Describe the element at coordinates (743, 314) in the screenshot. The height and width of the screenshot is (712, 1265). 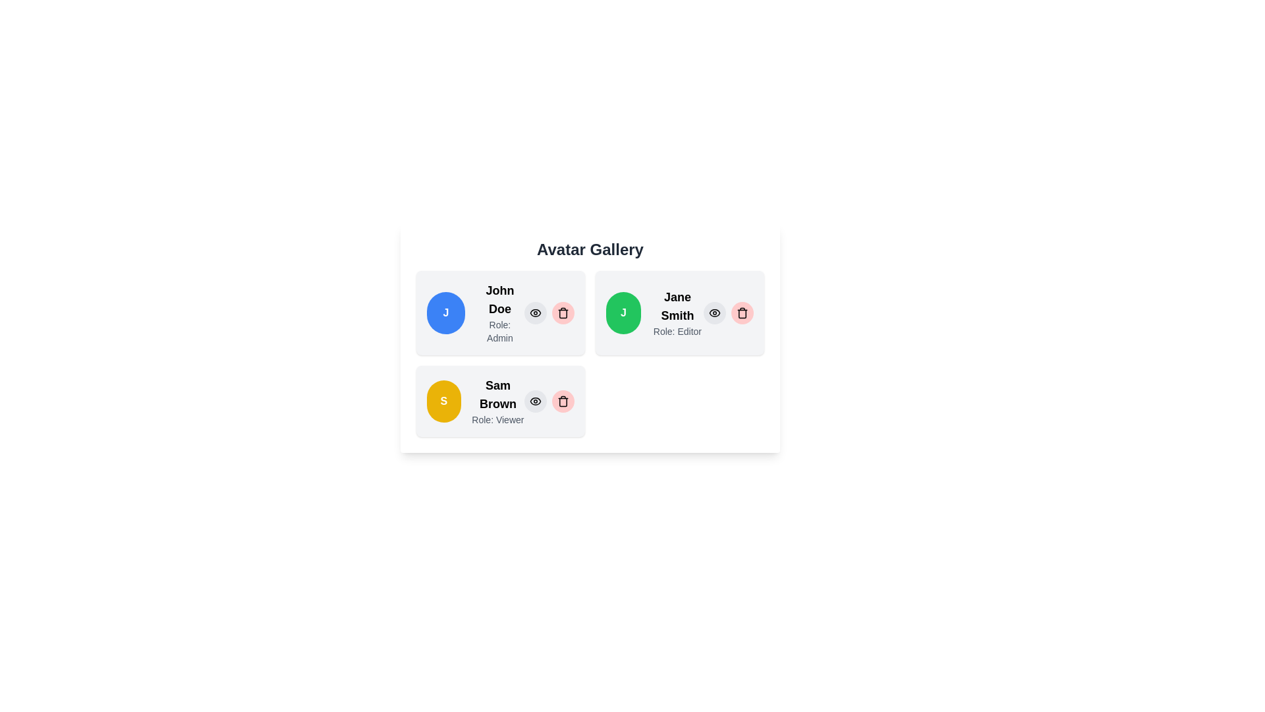
I see `the Trash Bin icon that represents the delete action for user 'Jane Smith', located at the far right of their row` at that location.